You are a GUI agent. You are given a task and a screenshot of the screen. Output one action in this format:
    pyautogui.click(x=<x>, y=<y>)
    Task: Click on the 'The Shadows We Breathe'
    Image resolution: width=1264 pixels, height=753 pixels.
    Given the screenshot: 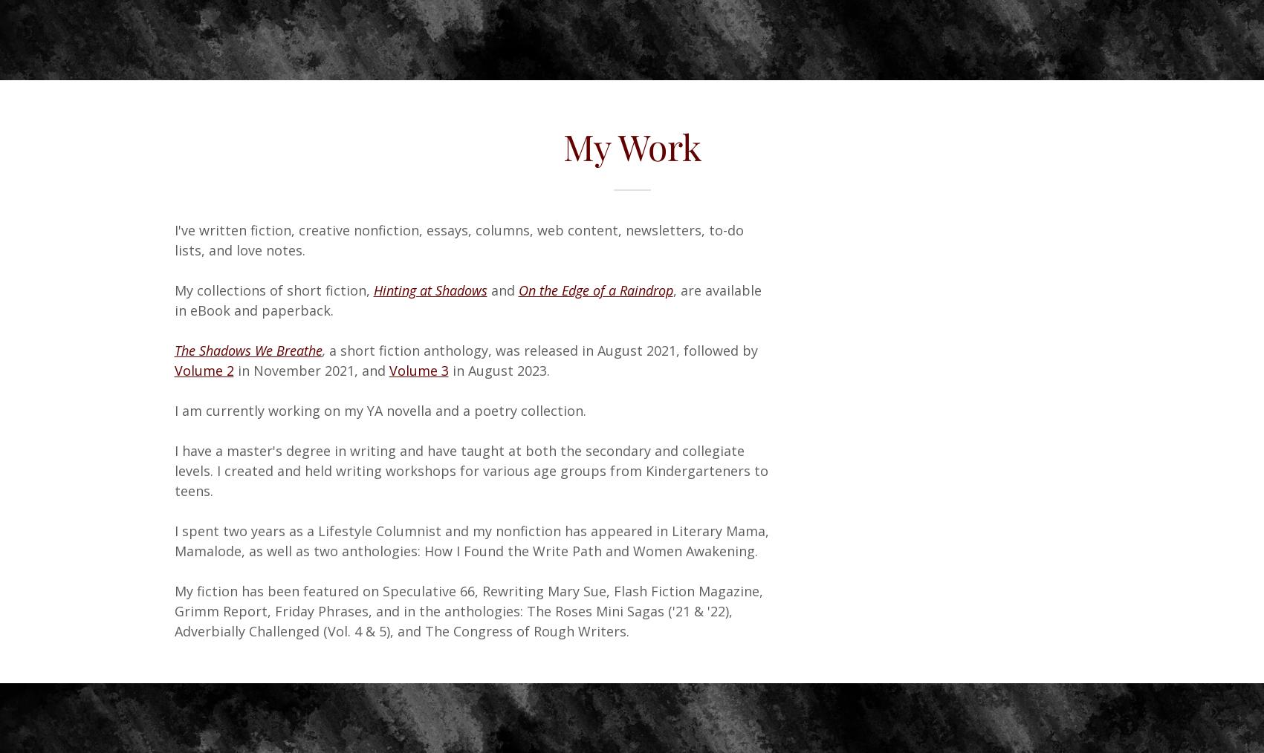 What is the action you would take?
    pyautogui.click(x=247, y=350)
    